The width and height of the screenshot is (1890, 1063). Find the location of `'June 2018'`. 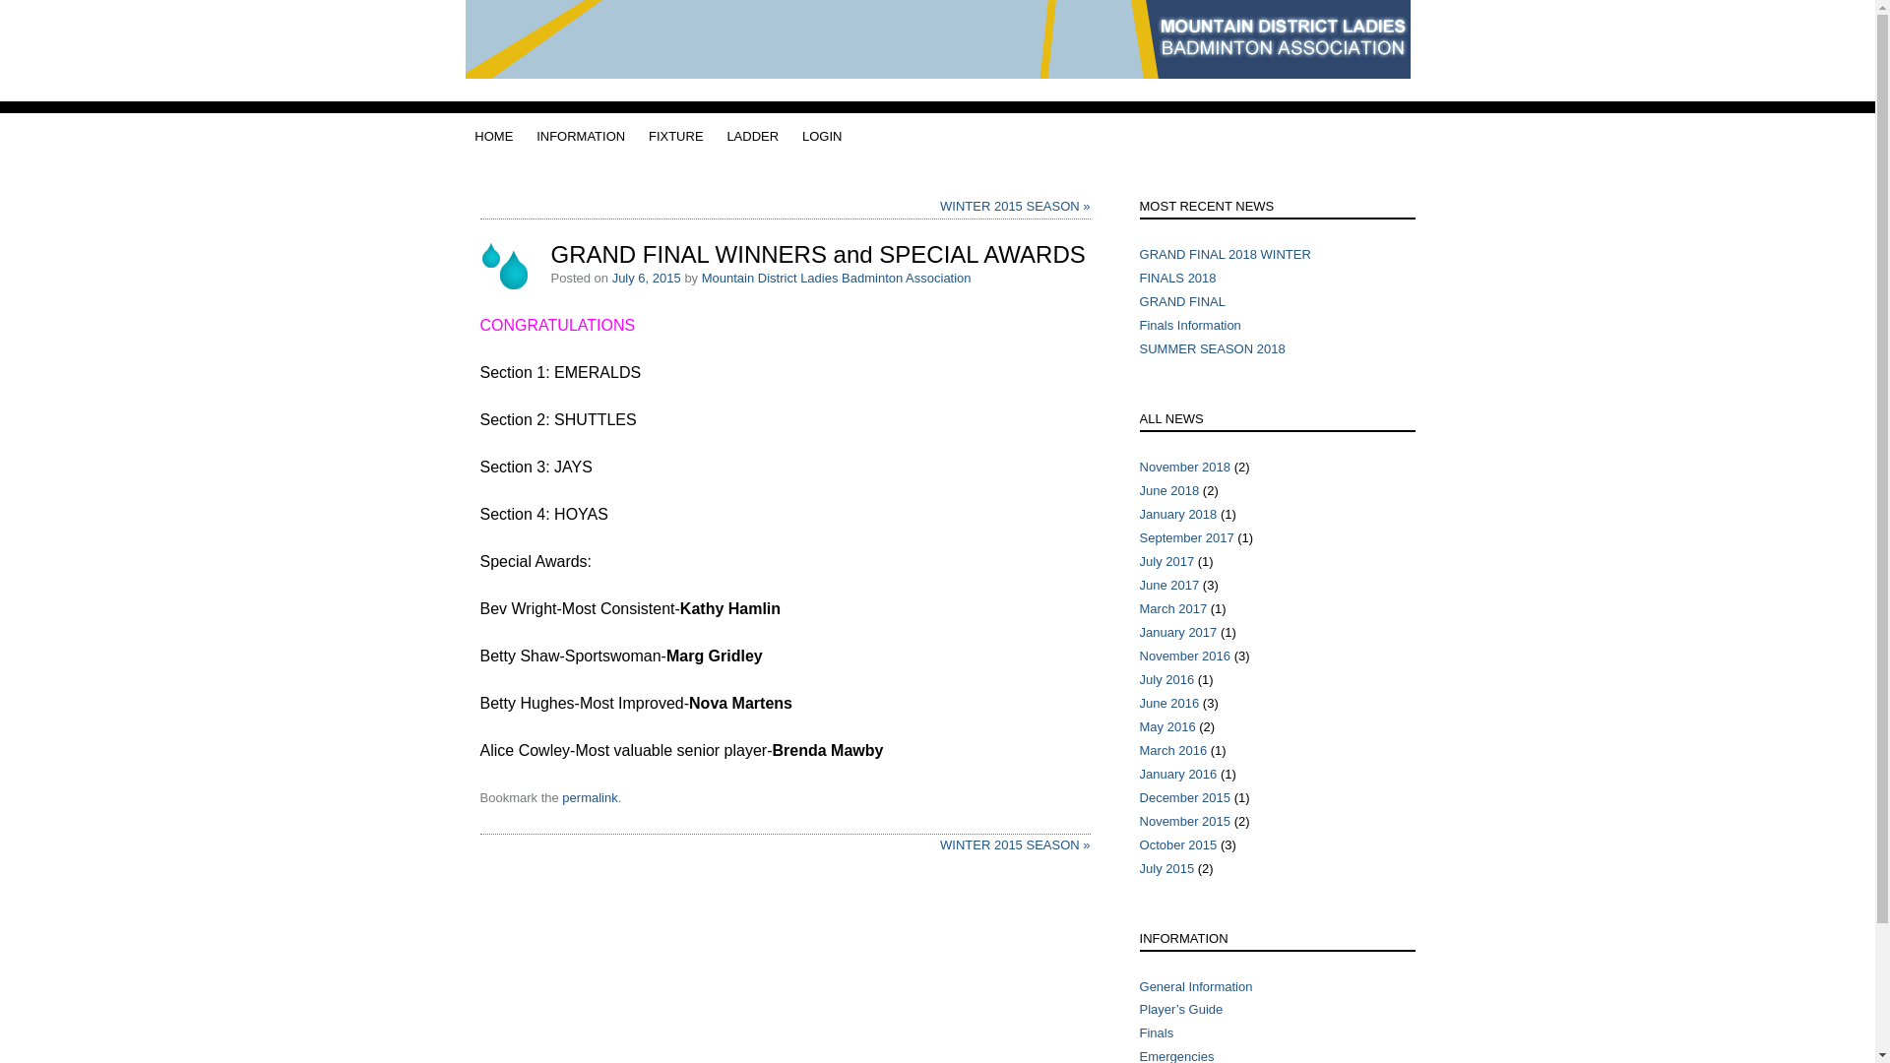

'June 2018' is located at coordinates (1169, 489).